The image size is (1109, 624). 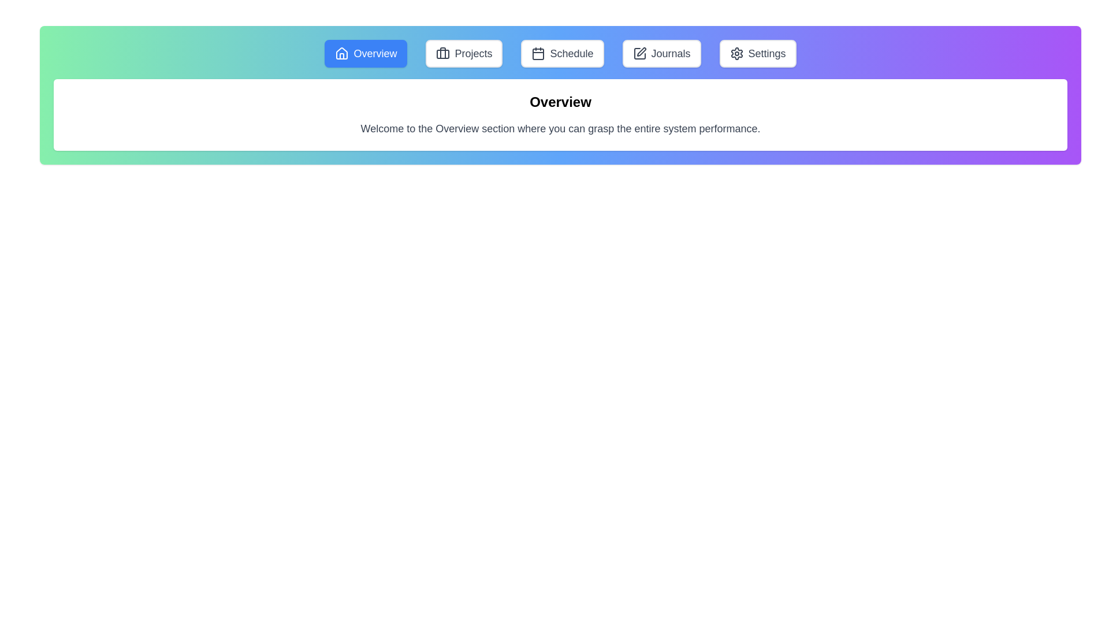 What do you see at coordinates (639, 53) in the screenshot?
I see `the left-hand portion of the SVG icon representing a square within the 'Journals' button in the top navigation bar, which has rounded corners and a border` at bounding box center [639, 53].